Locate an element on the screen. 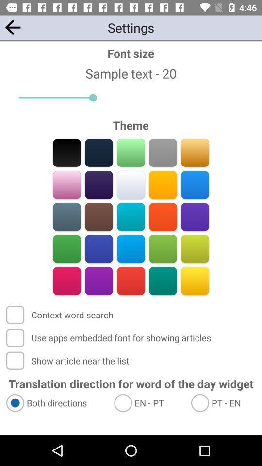 Image resolution: width=262 pixels, height=466 pixels. theme color is located at coordinates (163, 184).